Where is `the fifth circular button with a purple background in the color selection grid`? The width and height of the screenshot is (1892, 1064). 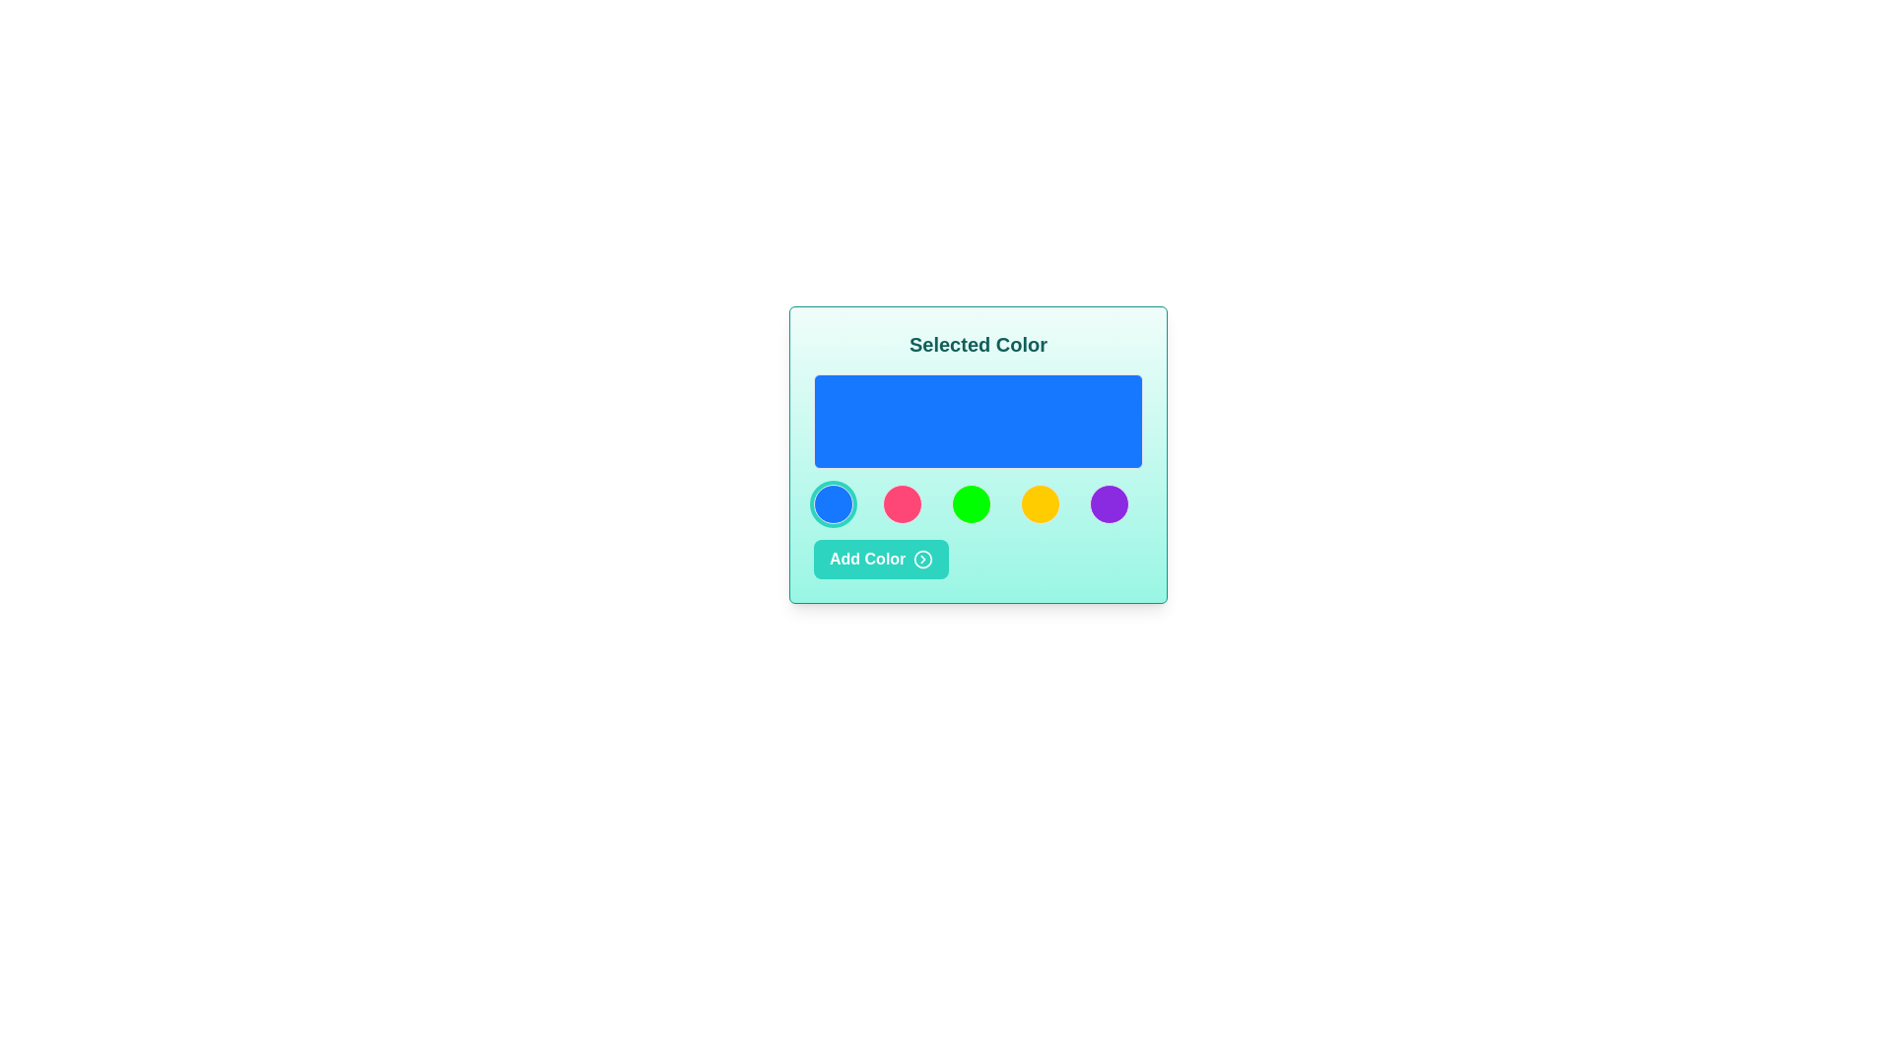 the fifth circular button with a purple background in the color selection grid is located at coordinates (1110, 503).